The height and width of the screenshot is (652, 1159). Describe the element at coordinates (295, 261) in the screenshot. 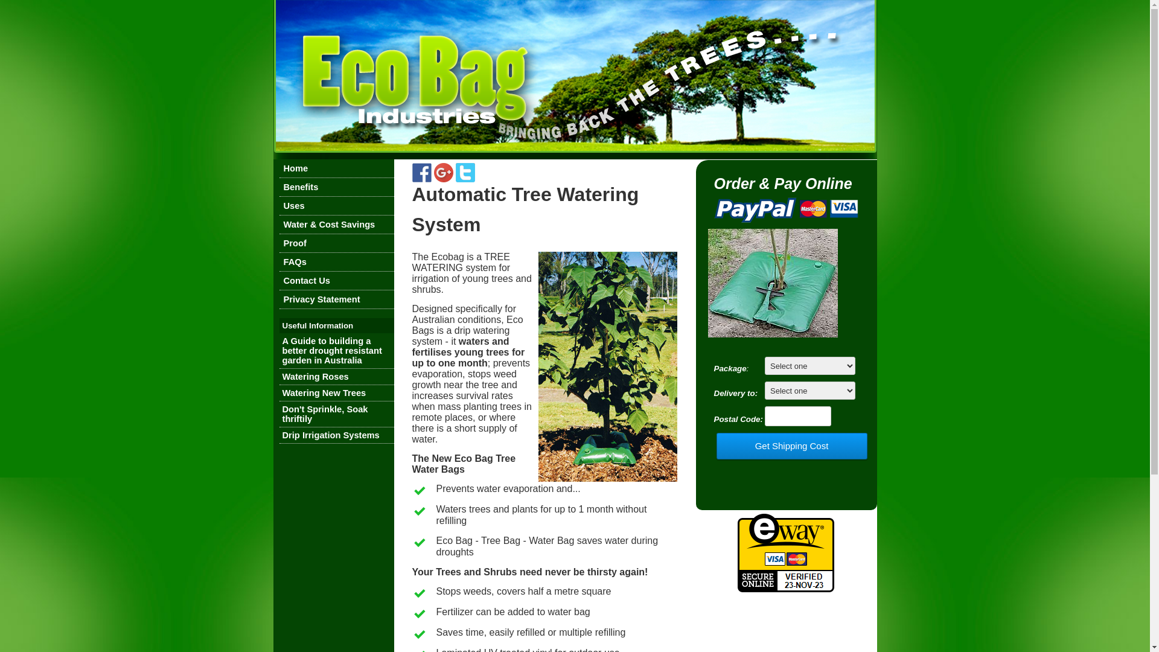

I see `'FAQs'` at that location.